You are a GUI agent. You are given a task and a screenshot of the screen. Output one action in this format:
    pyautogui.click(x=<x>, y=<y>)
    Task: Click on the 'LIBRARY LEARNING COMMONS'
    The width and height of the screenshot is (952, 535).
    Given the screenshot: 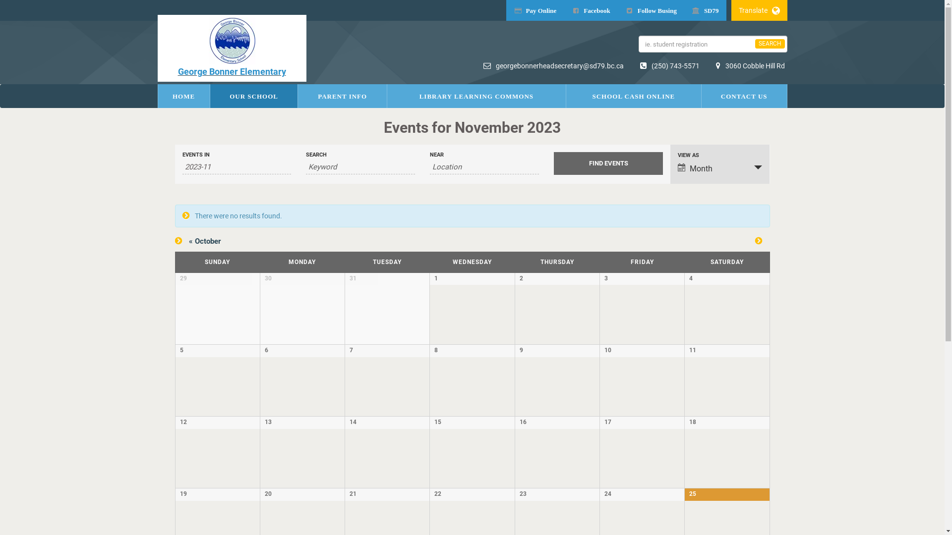 What is the action you would take?
    pyautogui.click(x=476, y=96)
    